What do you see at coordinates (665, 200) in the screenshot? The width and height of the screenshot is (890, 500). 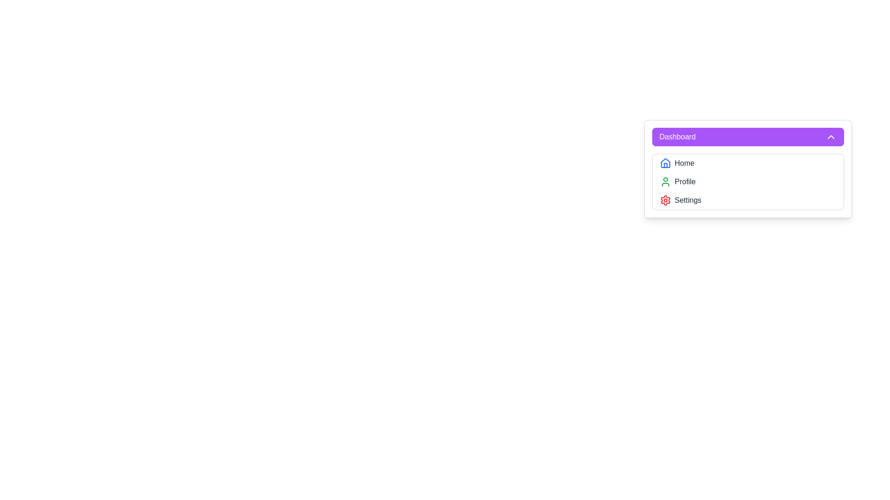 I see `the gear icon with a red color that is located next to the text 'Settings' in the dropdown menu` at bounding box center [665, 200].